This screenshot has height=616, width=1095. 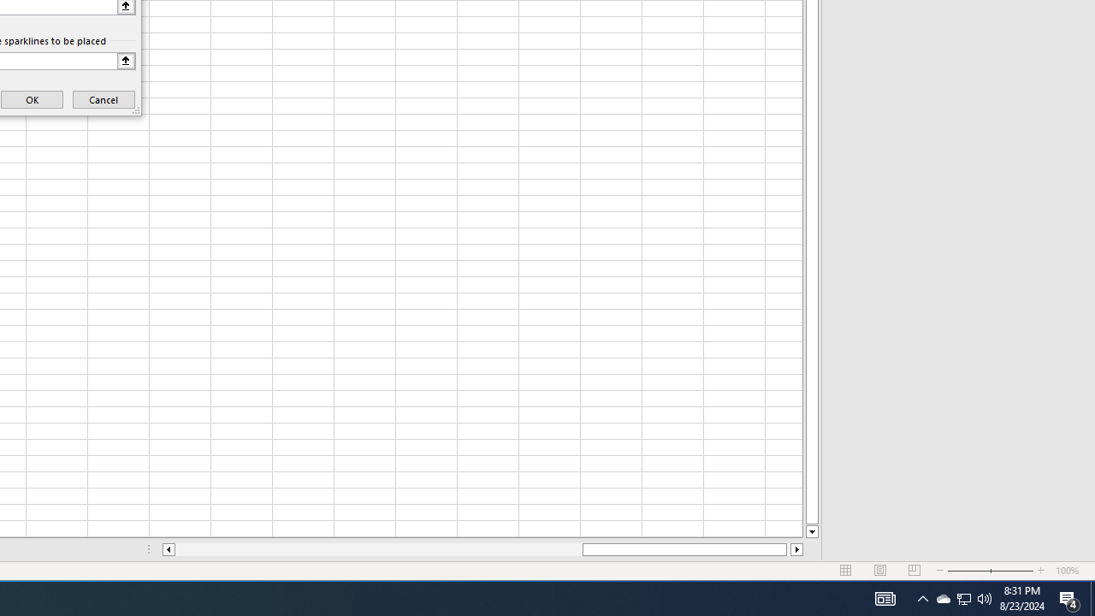 What do you see at coordinates (811, 531) in the screenshot?
I see `'Line down'` at bounding box center [811, 531].